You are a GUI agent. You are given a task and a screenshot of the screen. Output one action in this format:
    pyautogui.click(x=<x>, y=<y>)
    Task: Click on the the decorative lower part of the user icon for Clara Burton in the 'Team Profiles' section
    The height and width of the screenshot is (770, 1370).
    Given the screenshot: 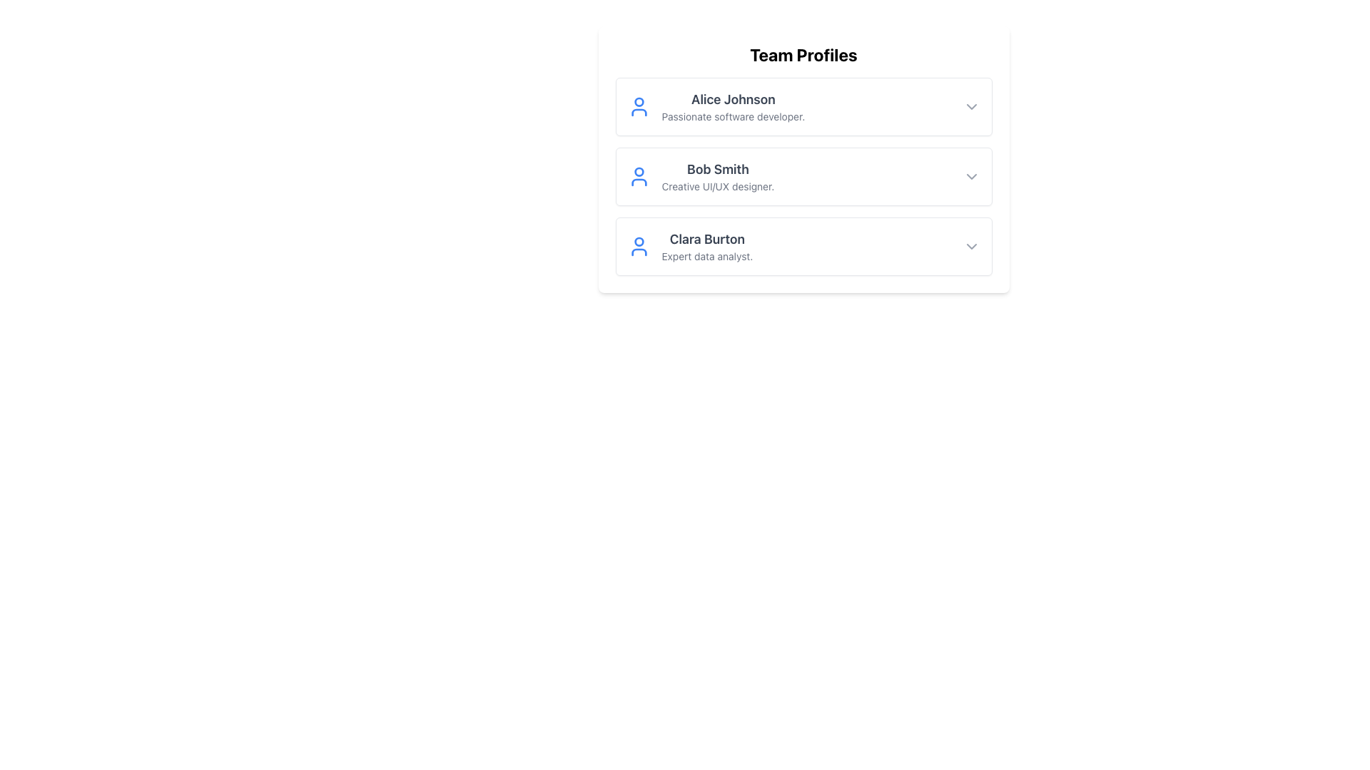 What is the action you would take?
    pyautogui.click(x=638, y=252)
    